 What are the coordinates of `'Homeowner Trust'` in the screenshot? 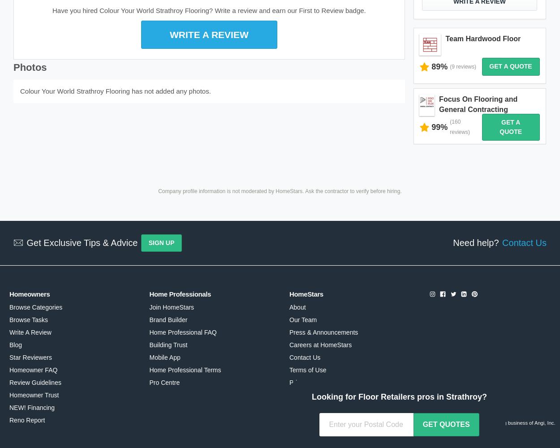 It's located at (34, 395).